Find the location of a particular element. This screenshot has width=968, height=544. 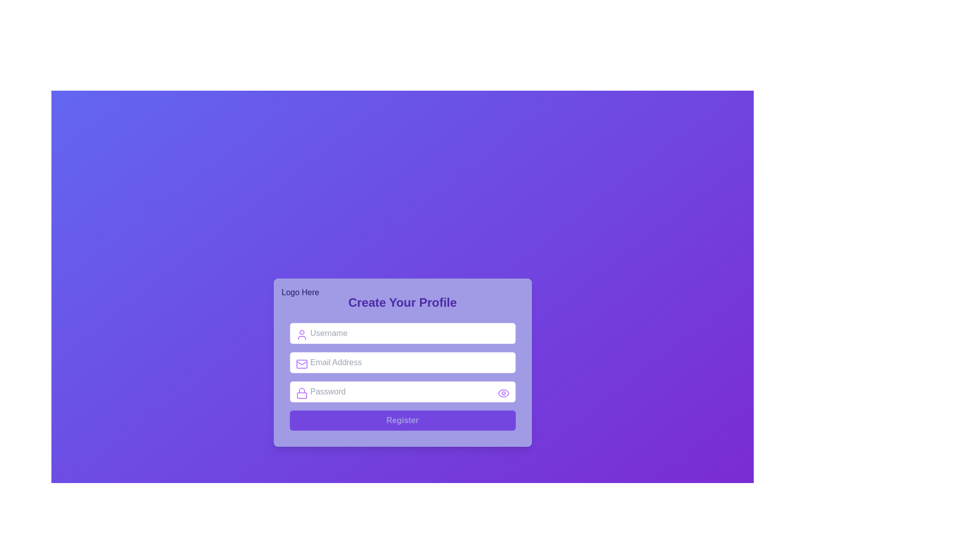

the branding indicator text label located at the top-left corner of the modal, which serves as a placeholder for a logo is located at coordinates (299, 293).